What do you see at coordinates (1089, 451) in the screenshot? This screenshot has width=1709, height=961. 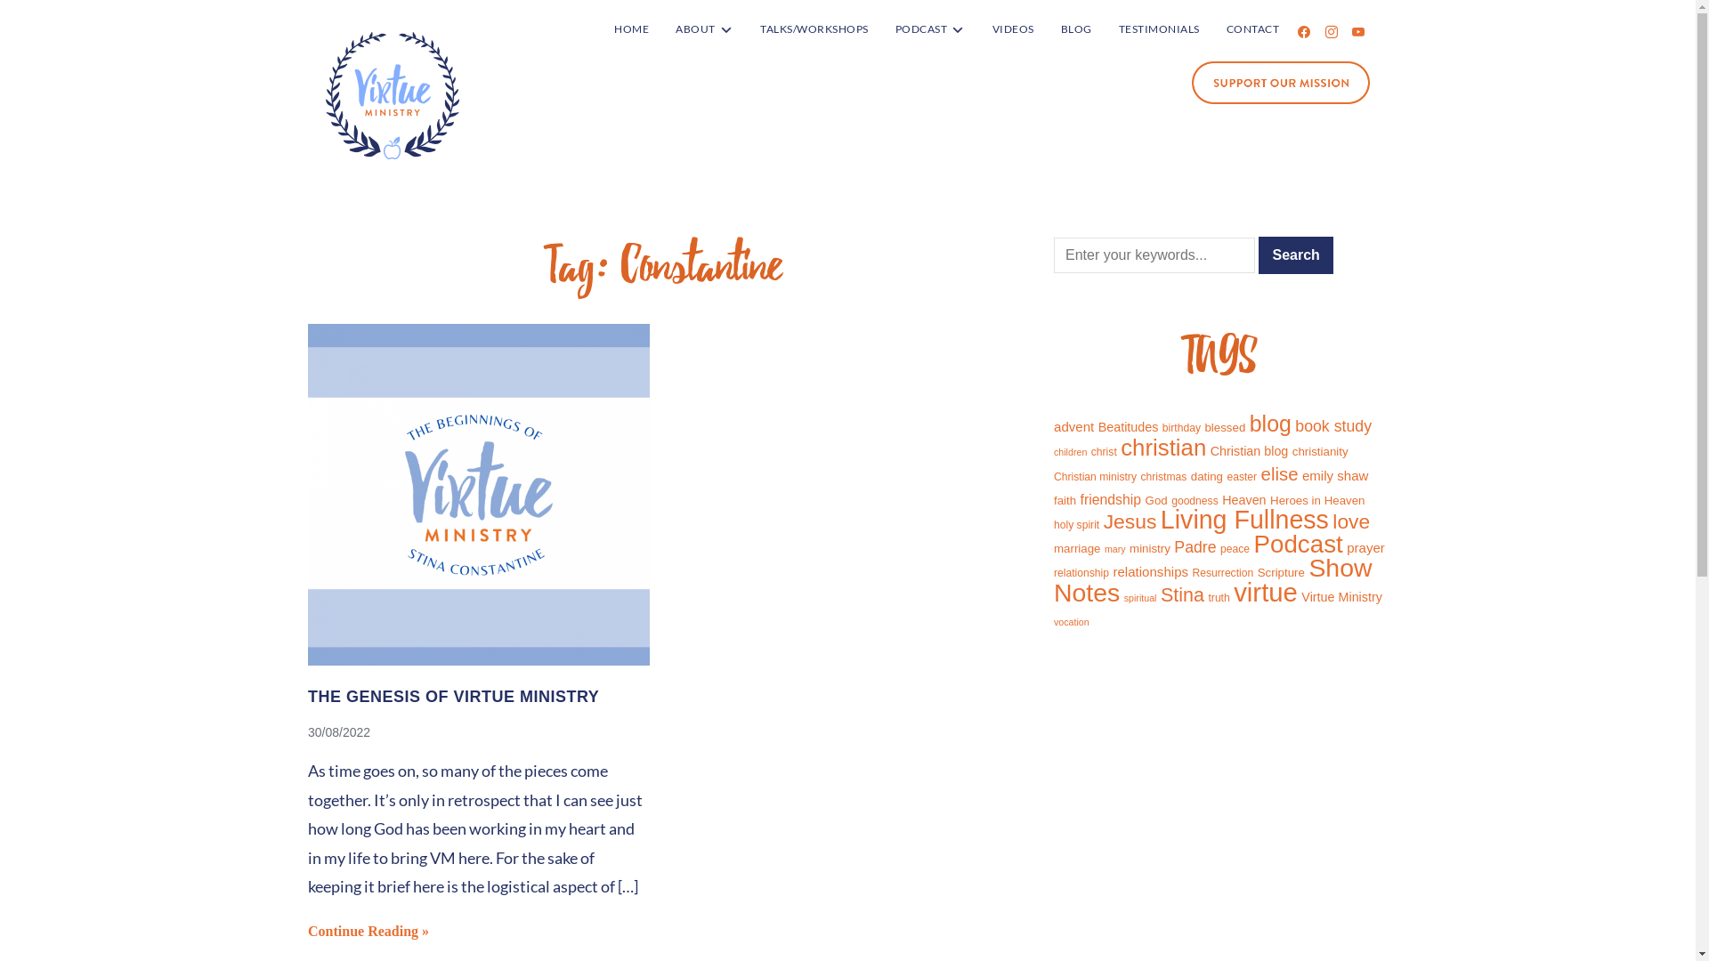 I see `'christ'` at bounding box center [1089, 451].